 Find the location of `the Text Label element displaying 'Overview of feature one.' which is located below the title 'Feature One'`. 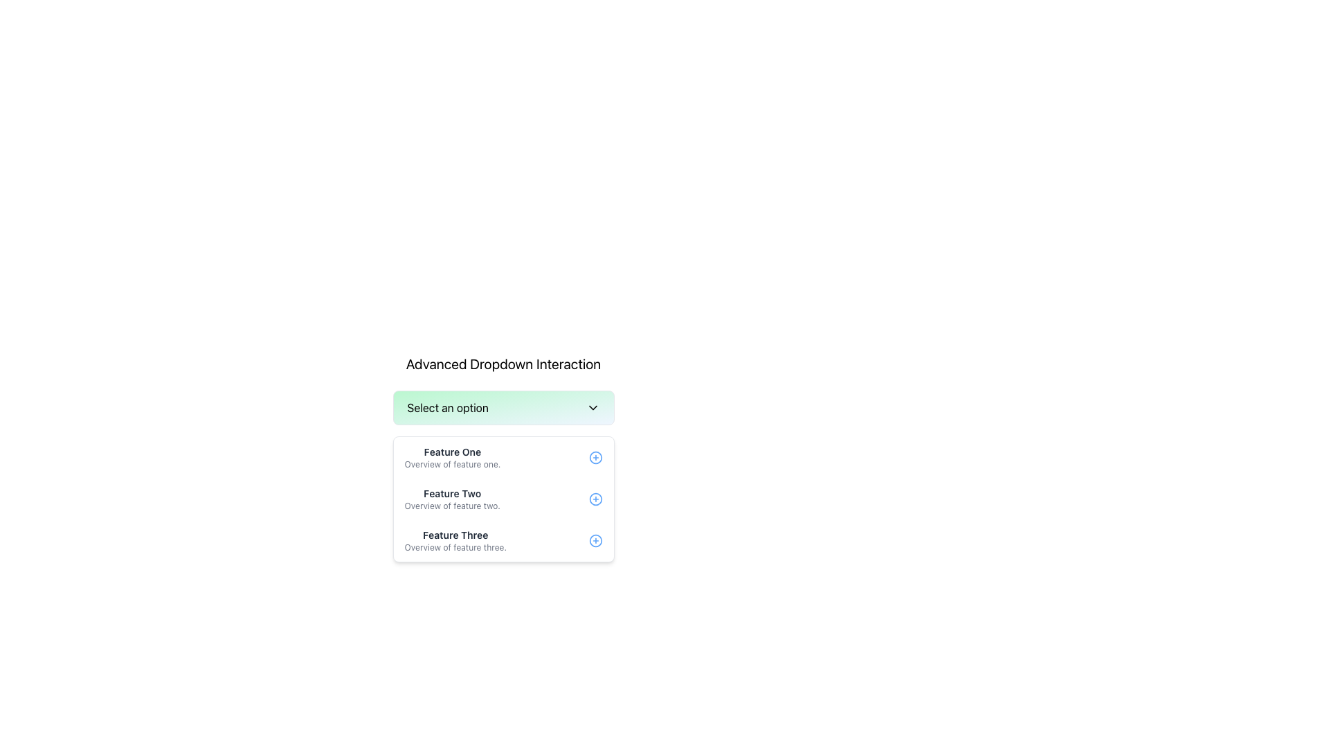

the Text Label element displaying 'Overview of feature one.' which is located below the title 'Feature One' is located at coordinates (452, 465).